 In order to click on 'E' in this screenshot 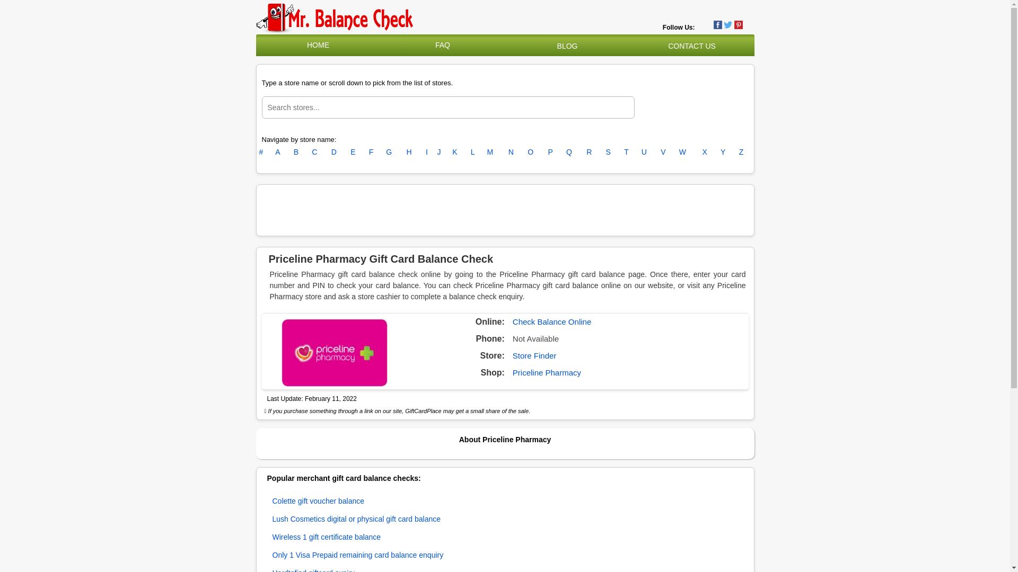, I will do `click(353, 151)`.